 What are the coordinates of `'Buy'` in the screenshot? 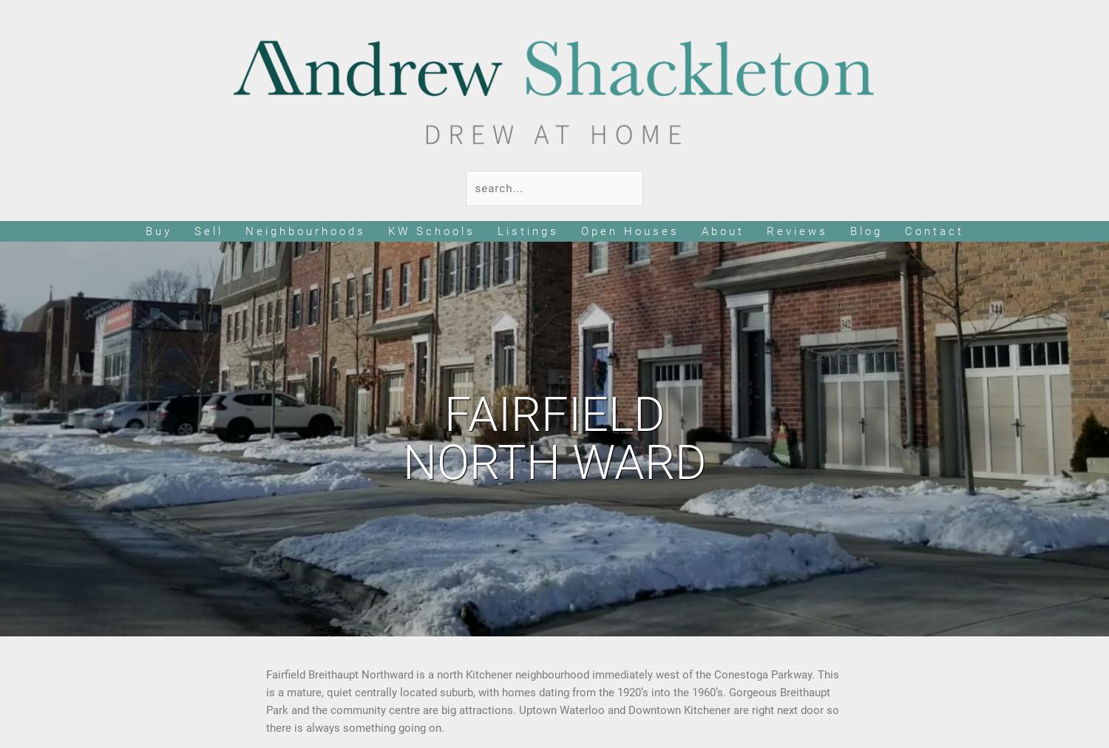 It's located at (157, 231).